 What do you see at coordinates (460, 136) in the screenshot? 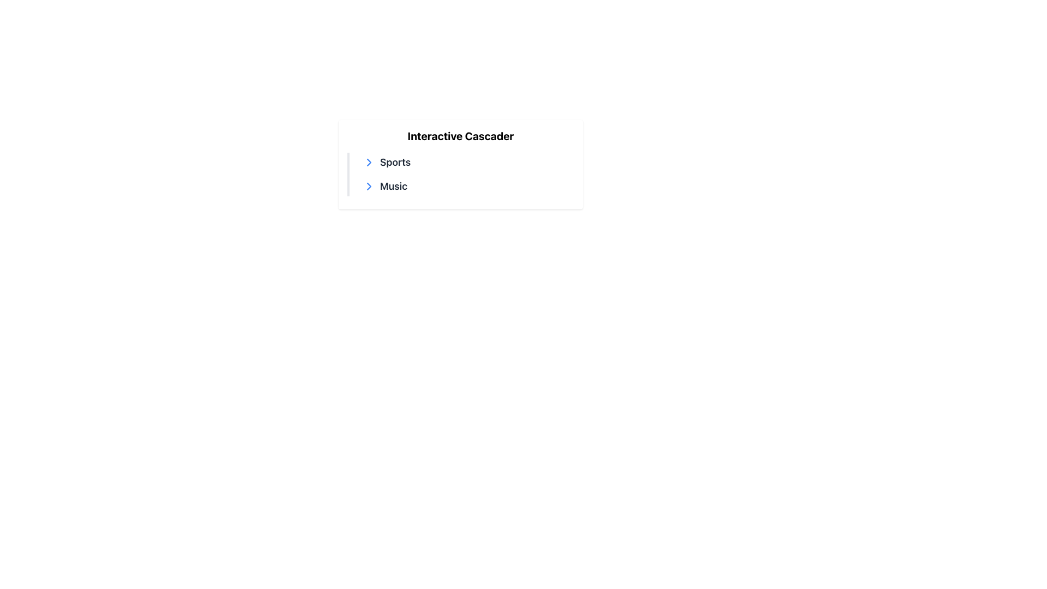
I see `the Text Label that serves as a title or header for the related list above 'Sports' and 'Music', which is located in a white box with rounded corners and shadows` at bounding box center [460, 136].